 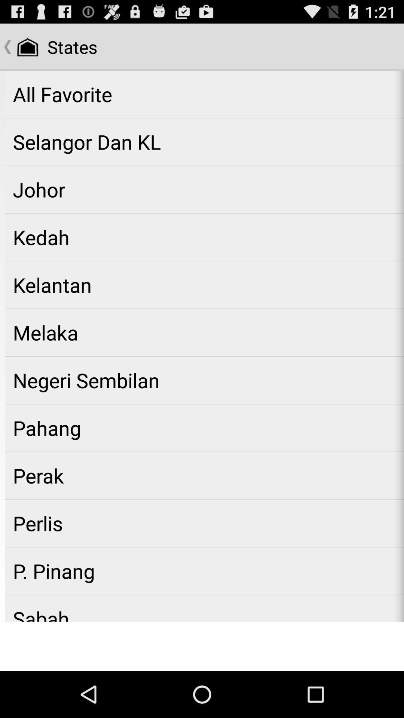 I want to click on johor item, so click(x=204, y=190).